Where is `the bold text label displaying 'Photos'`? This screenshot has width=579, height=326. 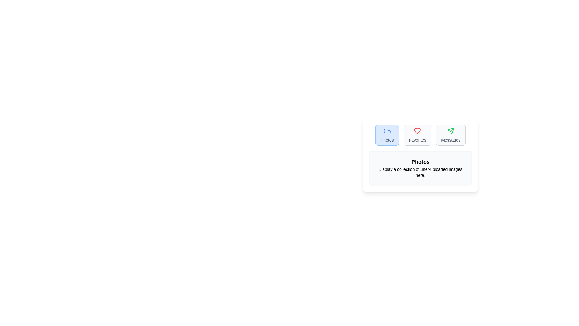
the bold text label displaying 'Photos' is located at coordinates (420, 161).